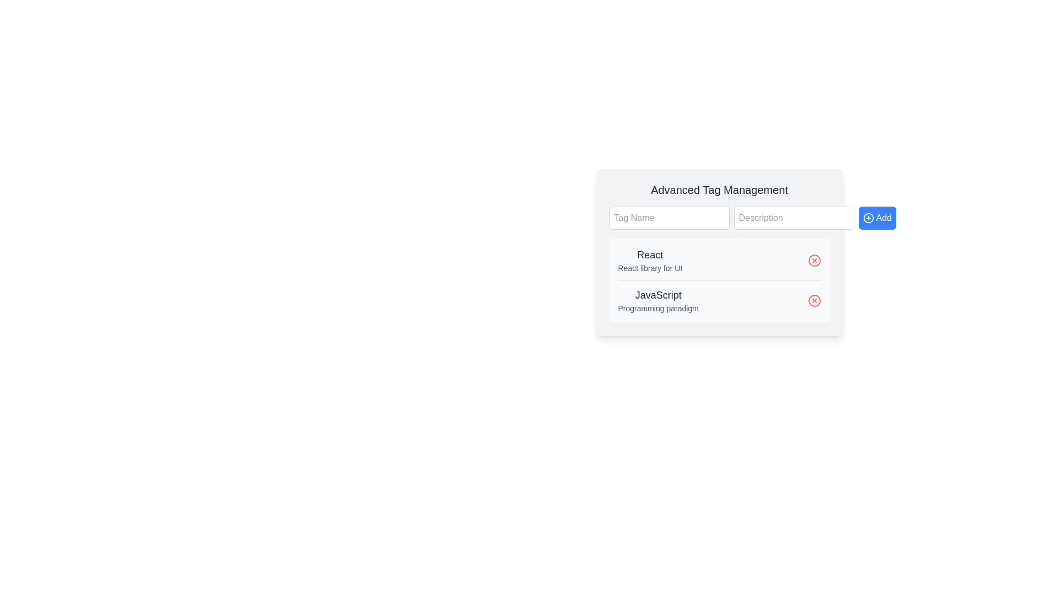  I want to click on the button for adding tags located on the far right of the horizontal form layout, so click(876, 218).